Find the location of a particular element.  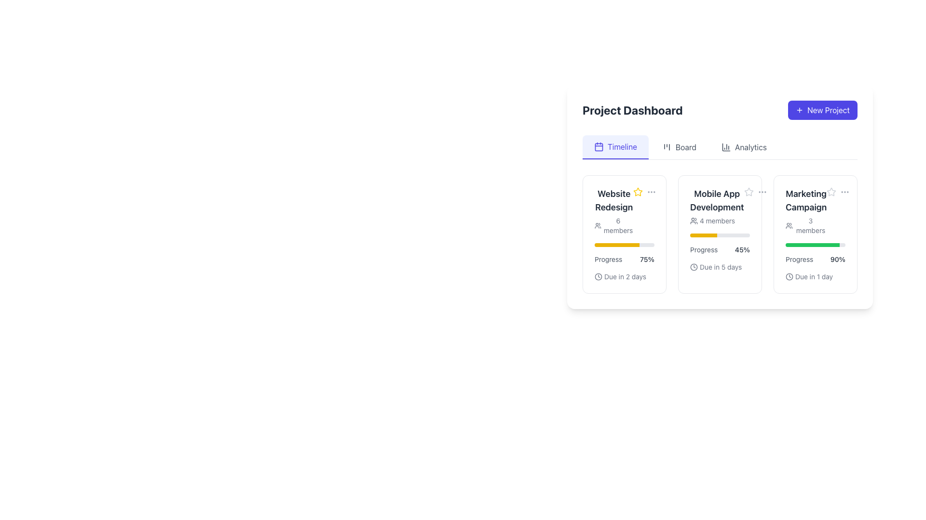

due date information from the progress indicator displaying 'Due in 1 day' beneath the progress bar in the 'Marketing Campaign' card is located at coordinates (815, 262).